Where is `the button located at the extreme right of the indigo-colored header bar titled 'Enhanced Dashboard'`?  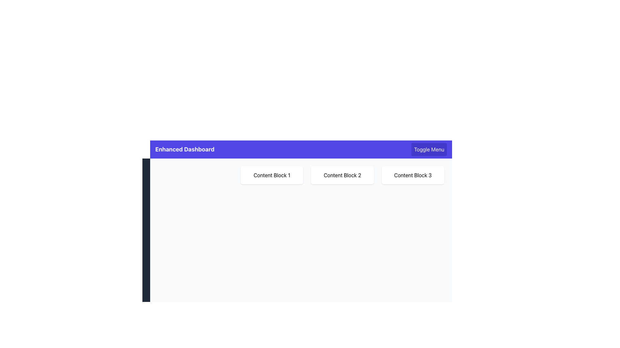 the button located at the extreme right of the indigo-colored header bar titled 'Enhanced Dashboard' is located at coordinates (429, 149).